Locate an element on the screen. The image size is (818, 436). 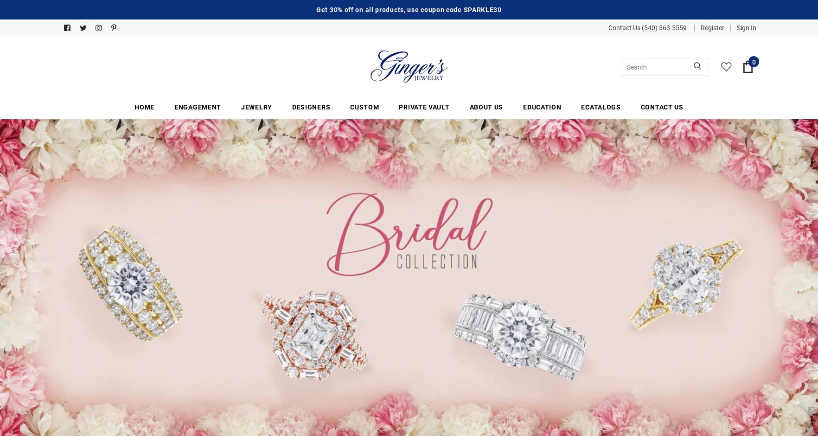
'Engagement' is located at coordinates (198, 106).